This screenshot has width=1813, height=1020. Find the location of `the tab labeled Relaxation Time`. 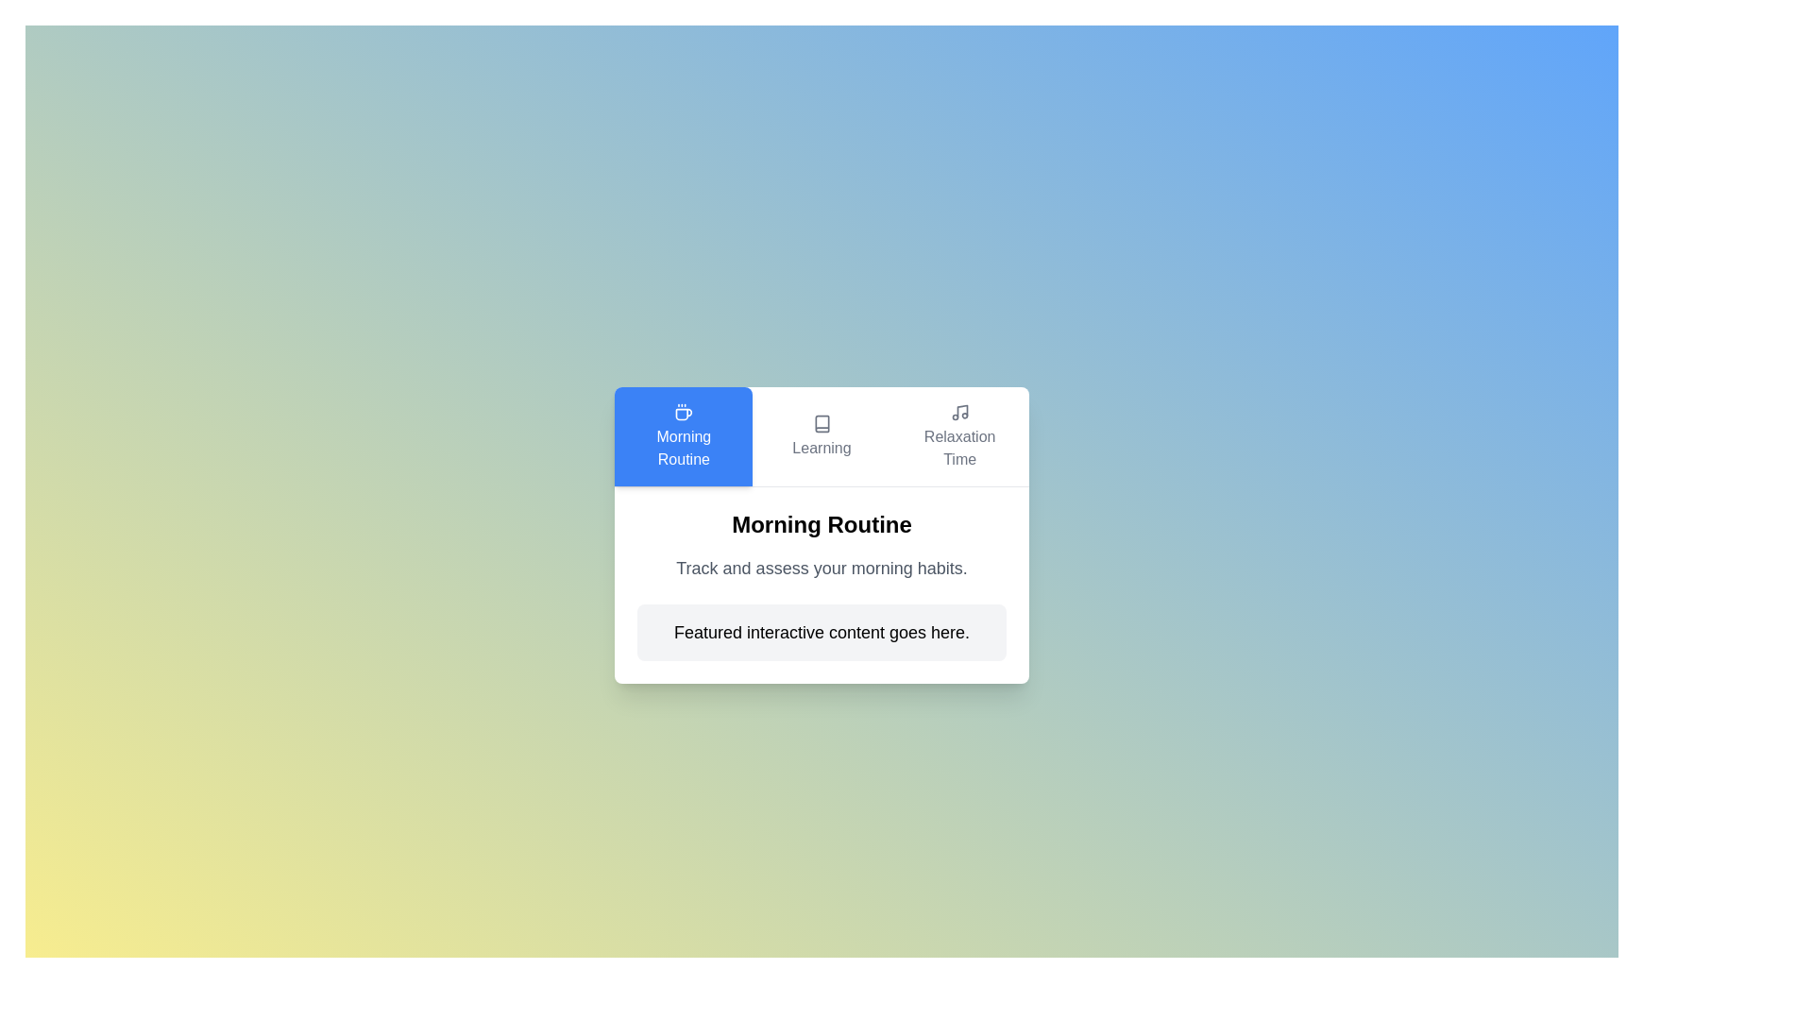

the tab labeled Relaxation Time is located at coordinates (959, 436).